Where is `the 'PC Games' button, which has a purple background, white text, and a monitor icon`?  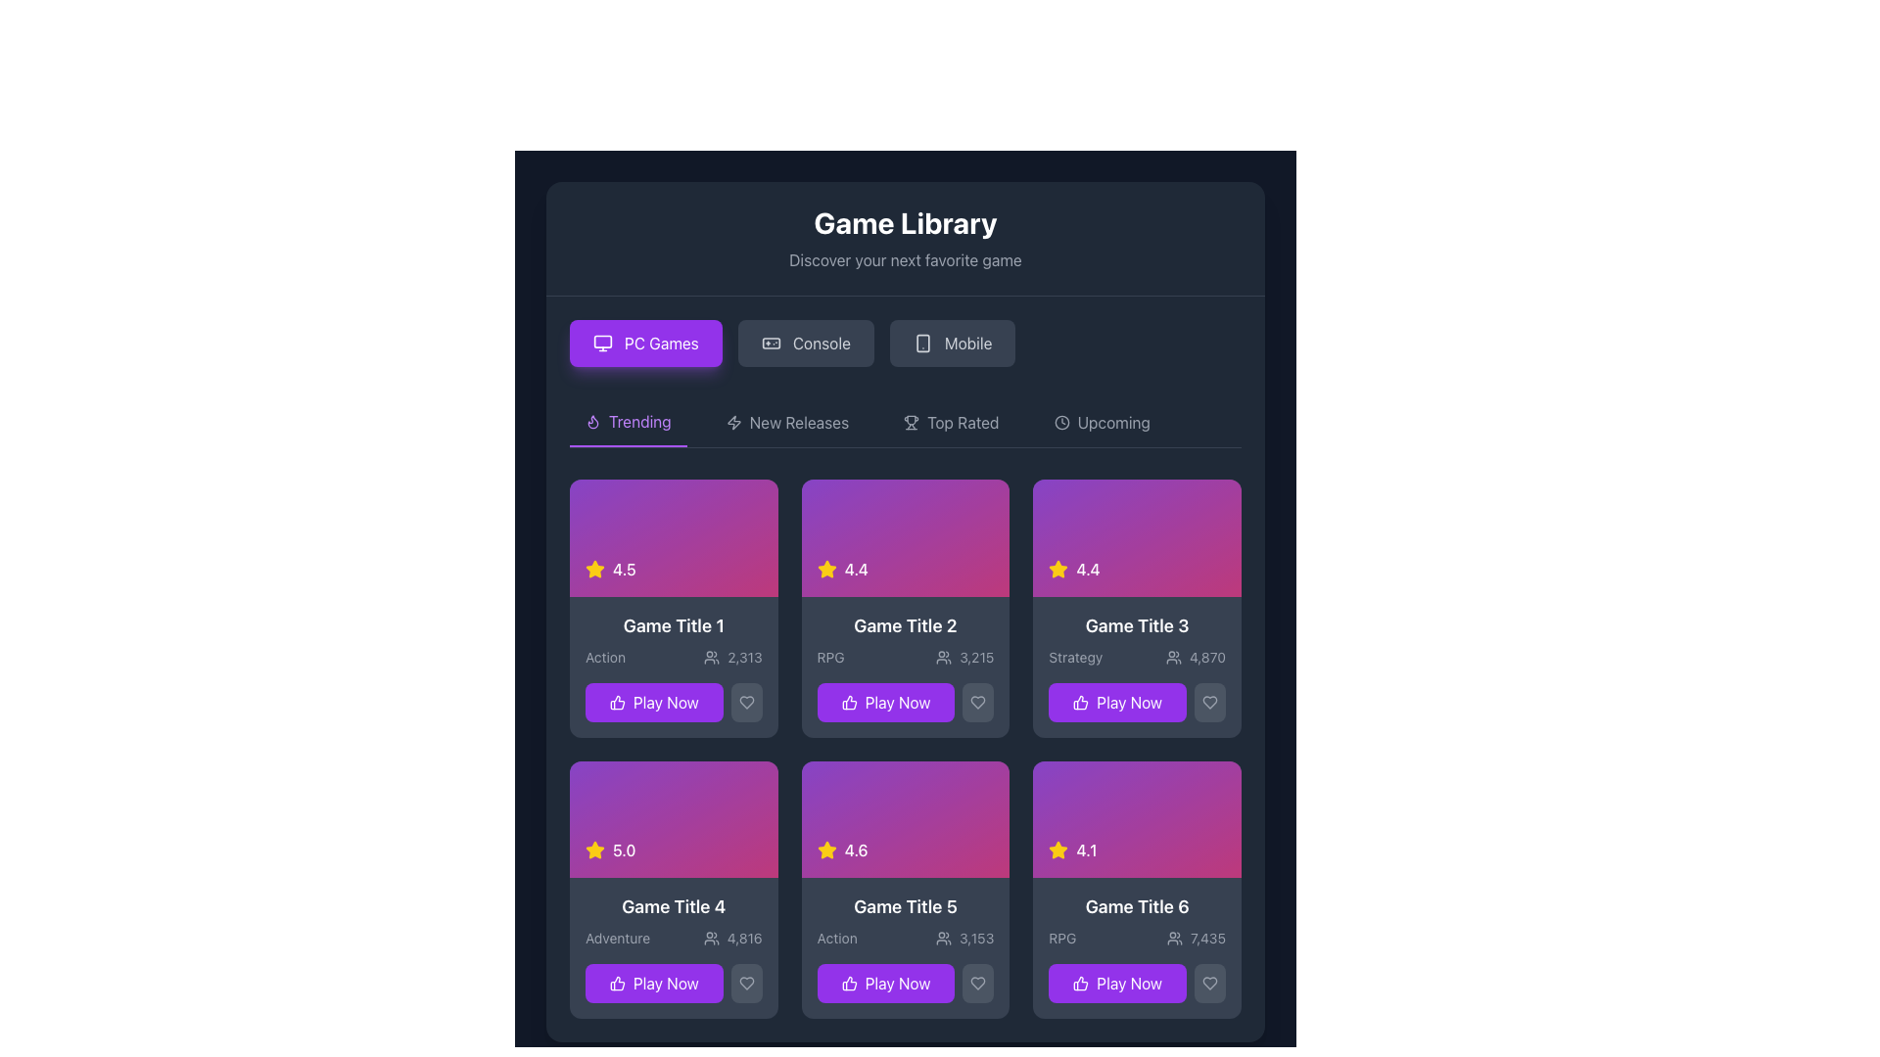
the 'PC Games' button, which has a purple background, white text, and a monitor icon is located at coordinates (645, 343).